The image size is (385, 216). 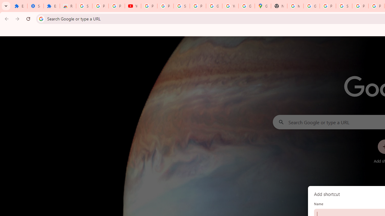 What do you see at coordinates (263, 6) in the screenshot?
I see `'Google Maps'` at bounding box center [263, 6].